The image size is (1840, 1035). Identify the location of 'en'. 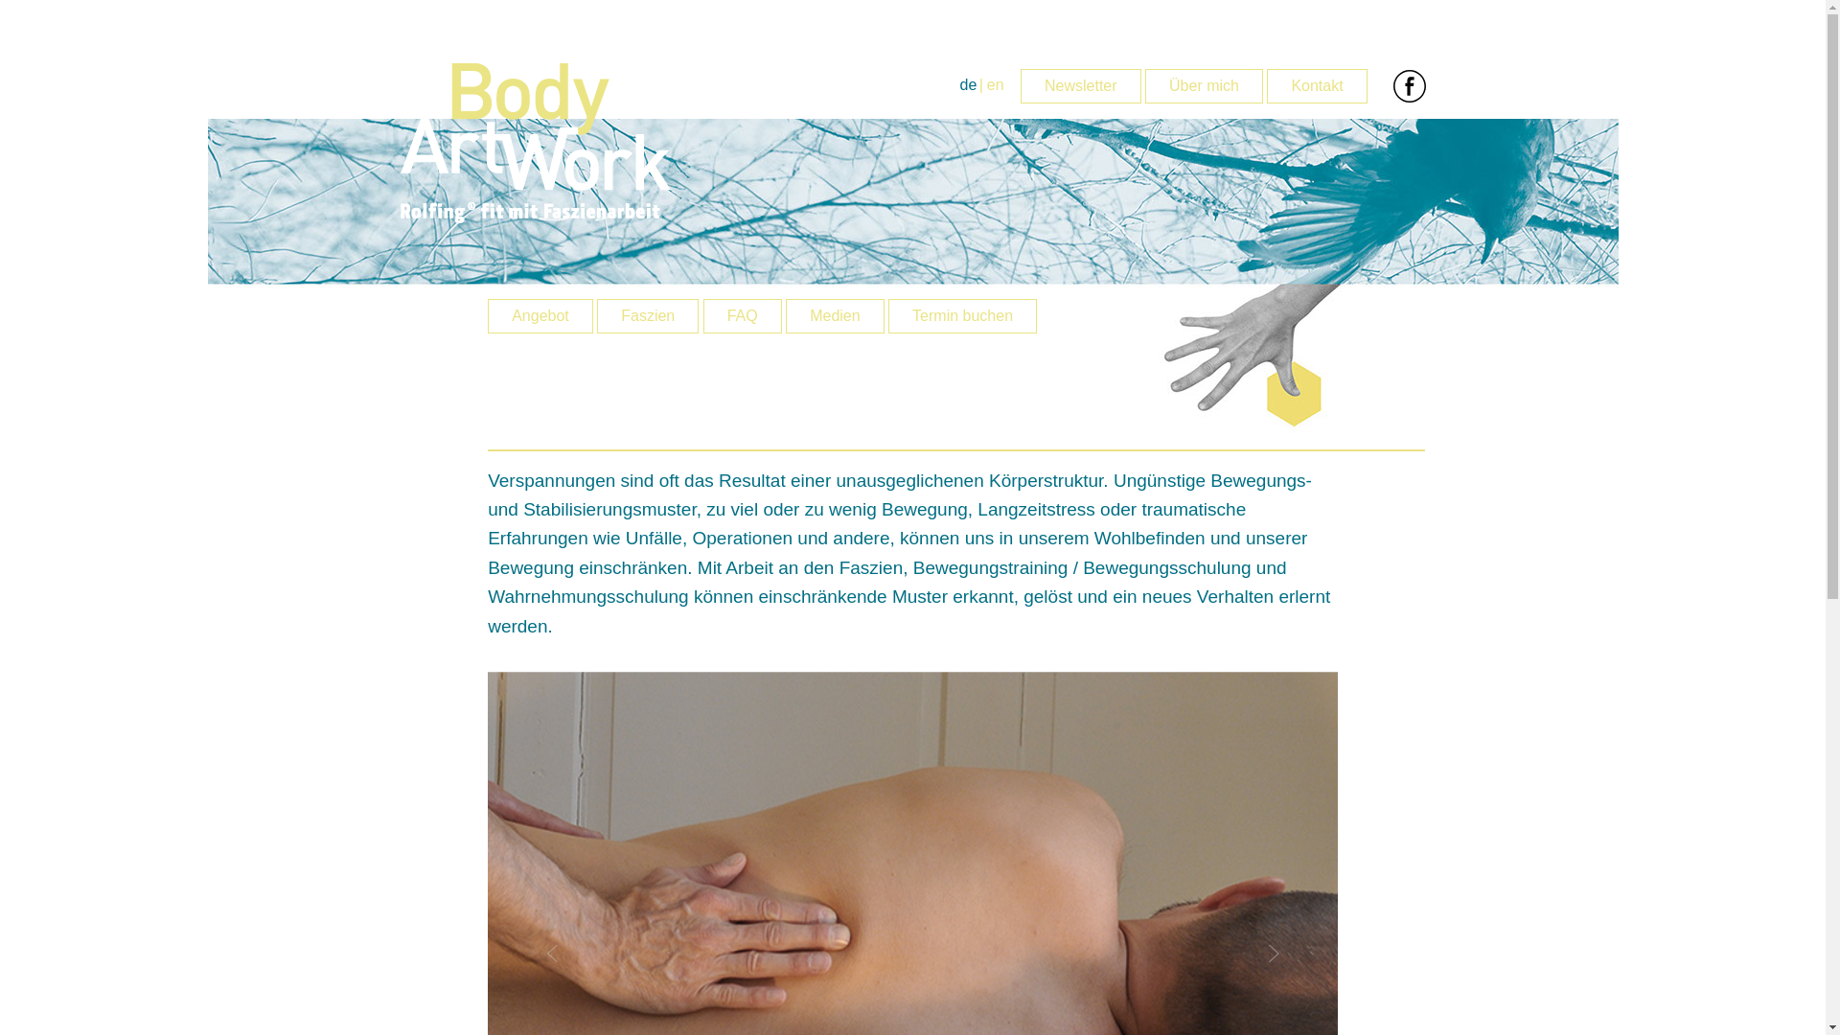
(995, 83).